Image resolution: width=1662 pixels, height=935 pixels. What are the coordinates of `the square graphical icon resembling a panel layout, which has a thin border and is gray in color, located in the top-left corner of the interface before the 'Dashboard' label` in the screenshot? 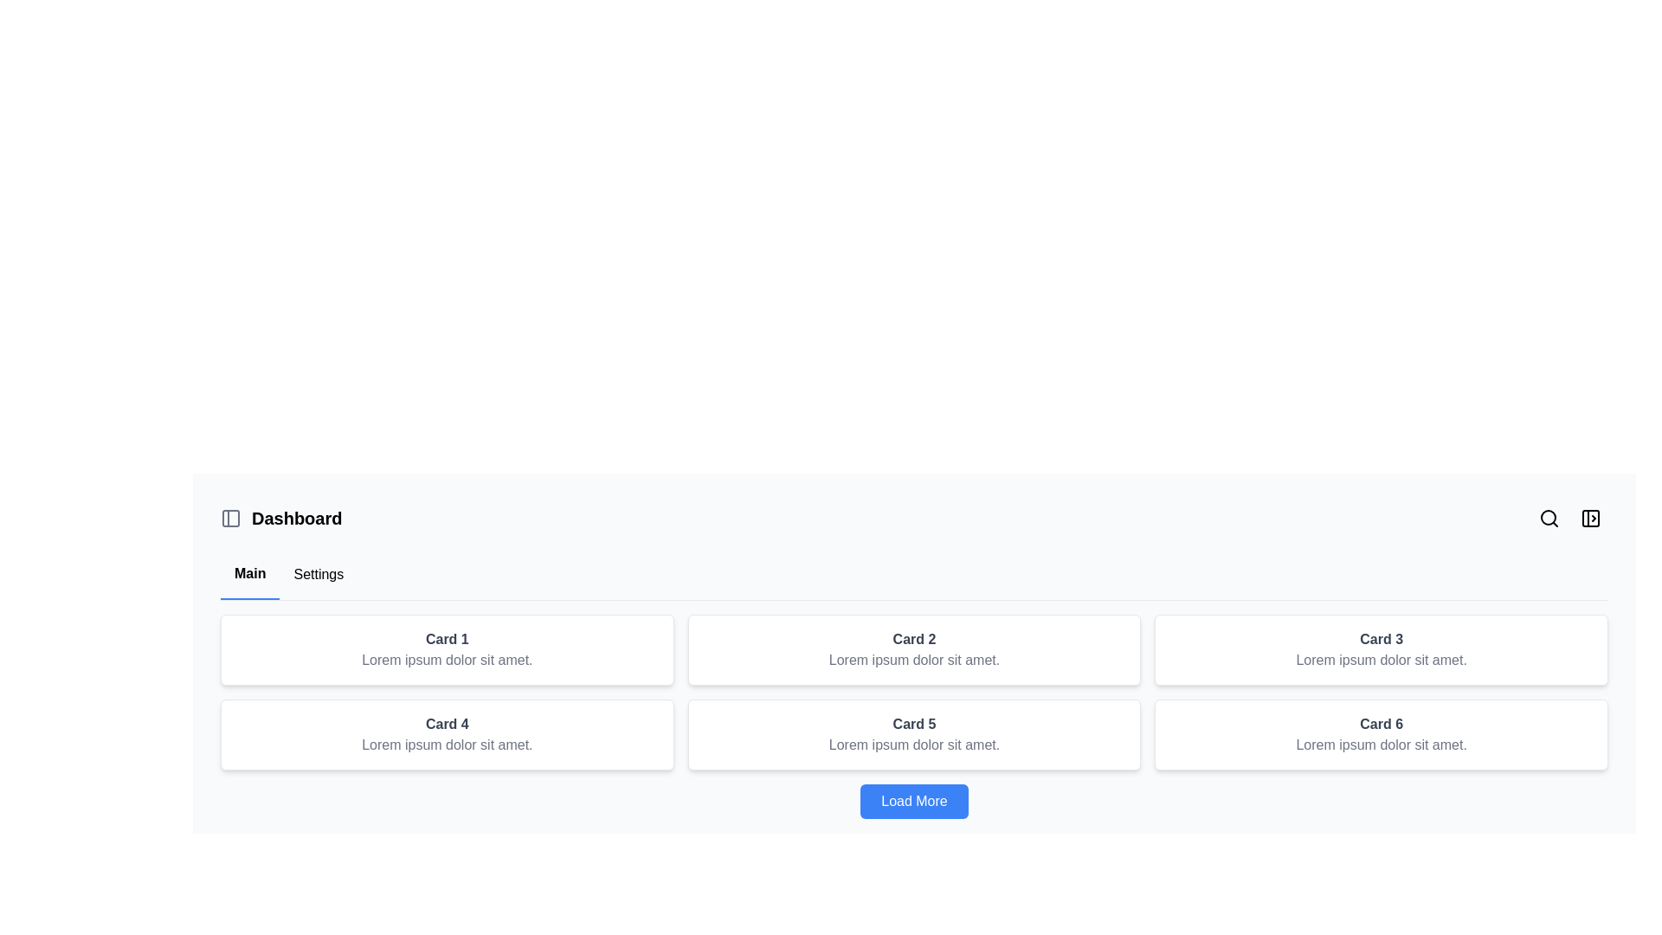 It's located at (230, 517).